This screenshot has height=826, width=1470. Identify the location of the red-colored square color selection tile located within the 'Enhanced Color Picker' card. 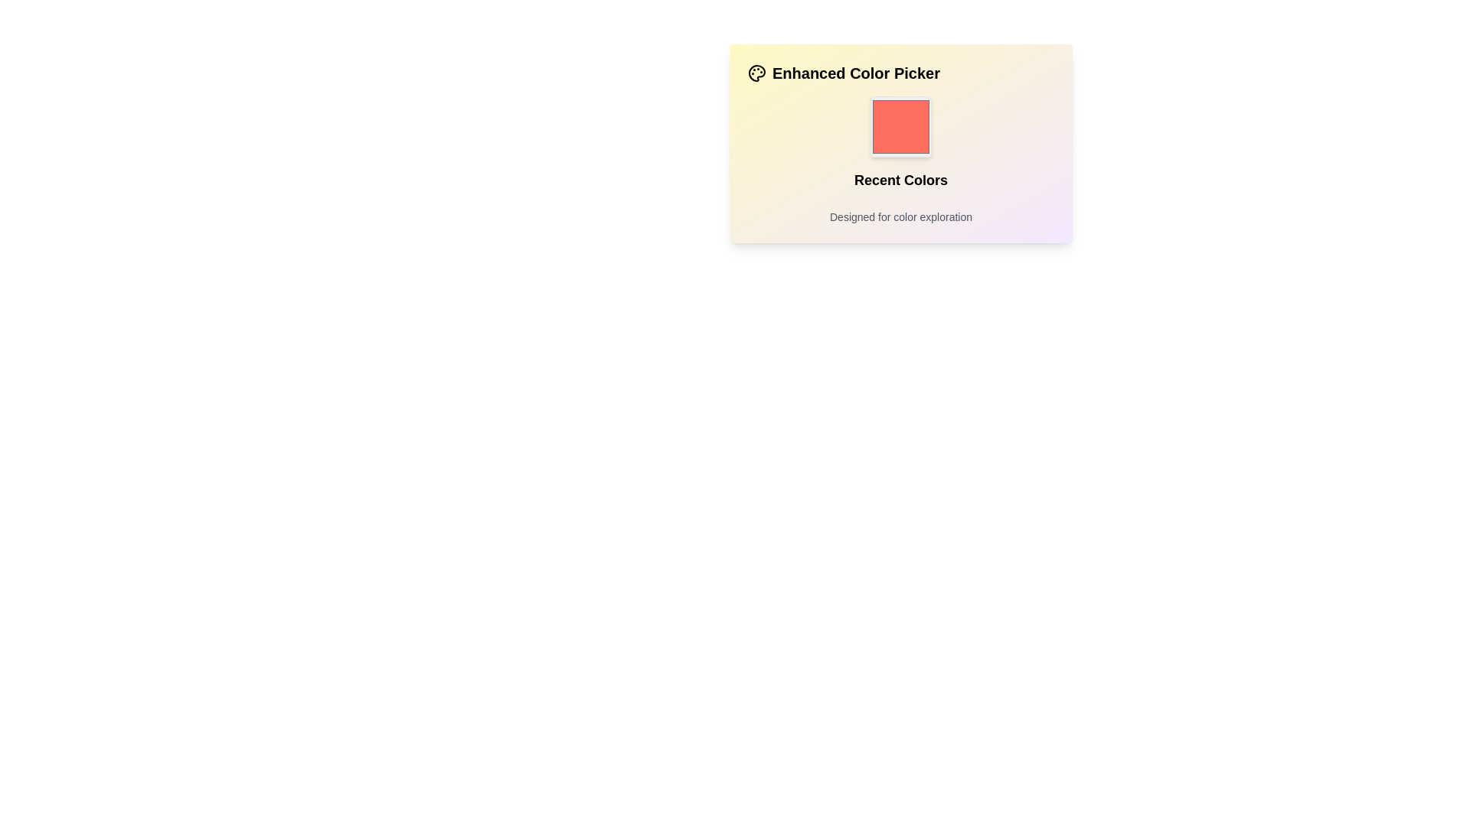
(900, 125).